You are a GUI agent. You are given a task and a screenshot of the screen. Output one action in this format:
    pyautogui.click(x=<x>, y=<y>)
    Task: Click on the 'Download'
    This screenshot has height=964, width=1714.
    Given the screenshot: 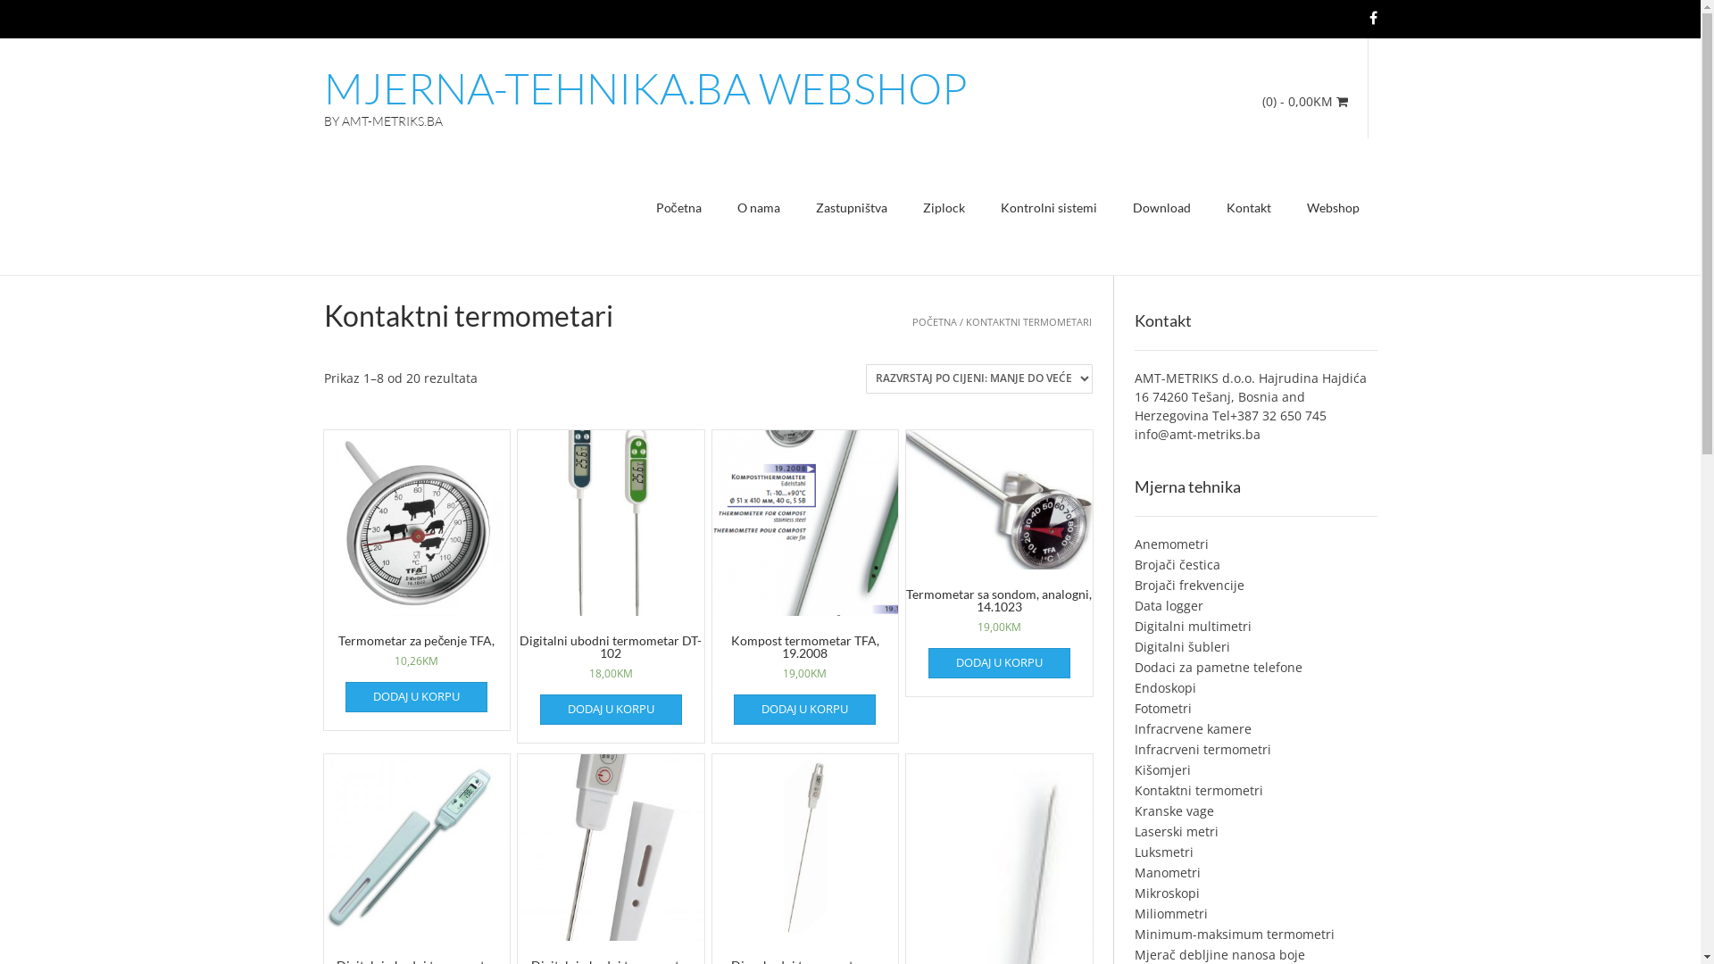 What is the action you would take?
    pyautogui.click(x=1161, y=209)
    